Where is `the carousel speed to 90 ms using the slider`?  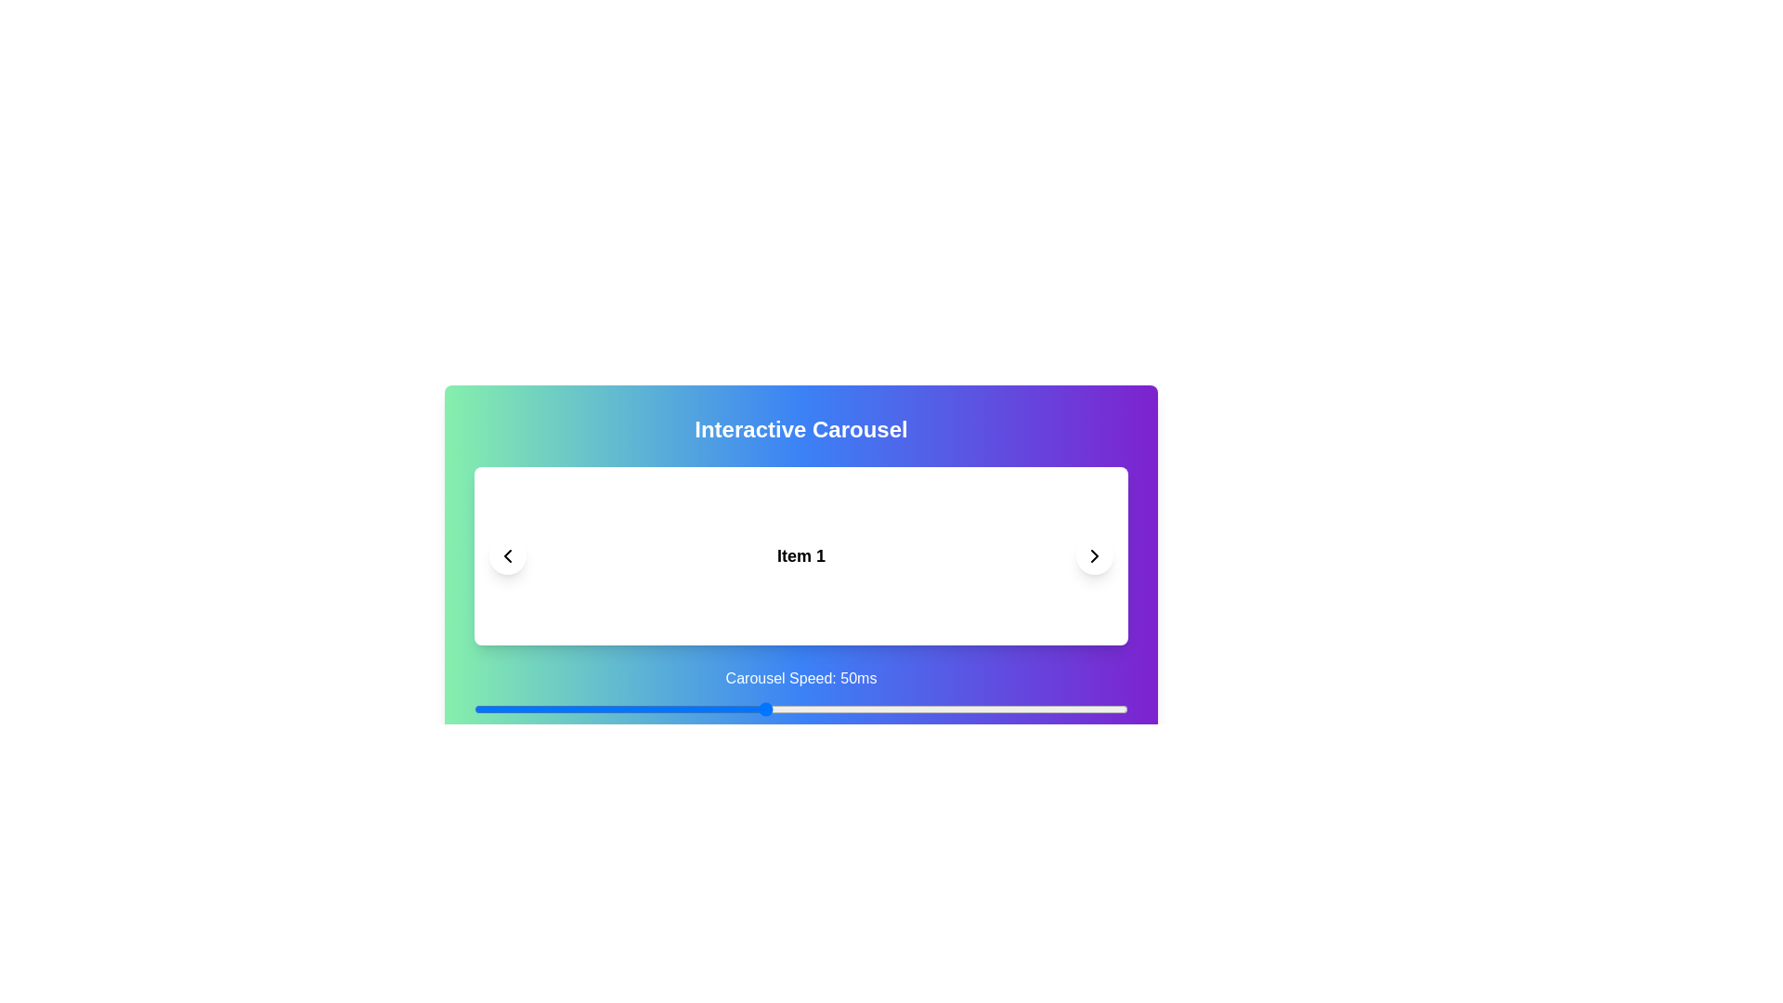 the carousel speed to 90 ms using the slider is located at coordinates (1055, 709).